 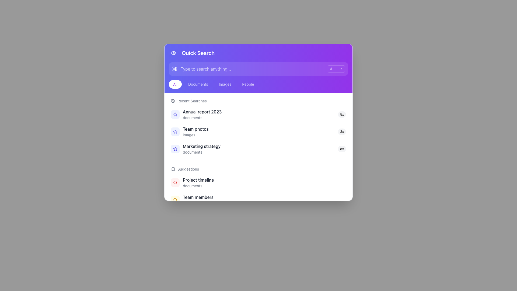 What do you see at coordinates (173, 169) in the screenshot?
I see `the small dark gray bookmark icon with a triangular notch located in the 'Suggestions' section at the bottom of the interface, positioned to the left of the 'Suggestions' text` at bounding box center [173, 169].